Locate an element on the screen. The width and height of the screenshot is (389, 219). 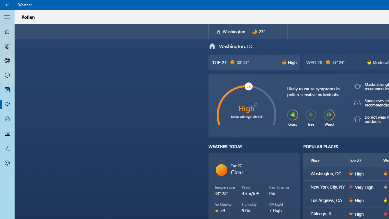
'Favorites - Not Selected' is located at coordinates (7, 148).